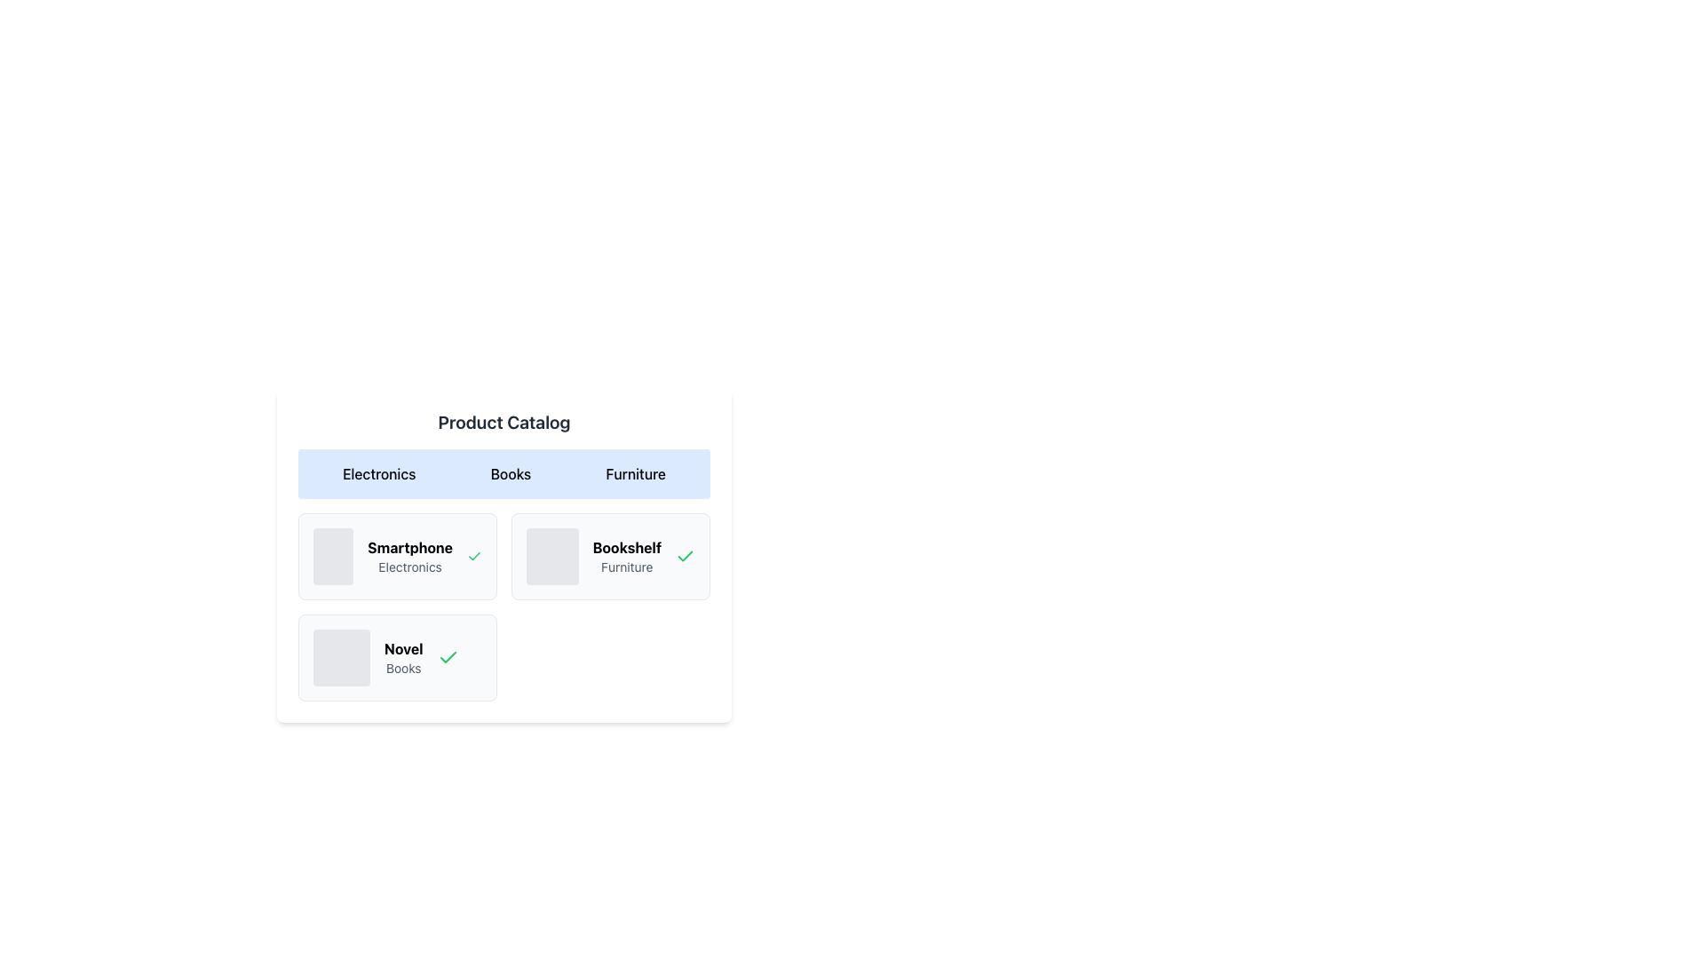 The height and width of the screenshot is (959, 1705). Describe the element at coordinates (402, 657) in the screenshot. I see `the informative text label located in the lower part of the card component in the second row of a grid layout, which provides a title and description for the item it represents` at that location.